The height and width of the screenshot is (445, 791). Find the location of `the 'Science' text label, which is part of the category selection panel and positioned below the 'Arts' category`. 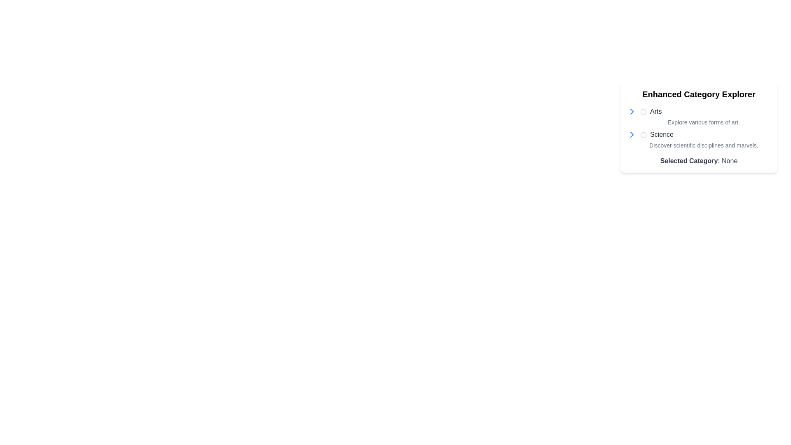

the 'Science' text label, which is part of the category selection panel and positioned below the 'Arts' category is located at coordinates (662, 134).